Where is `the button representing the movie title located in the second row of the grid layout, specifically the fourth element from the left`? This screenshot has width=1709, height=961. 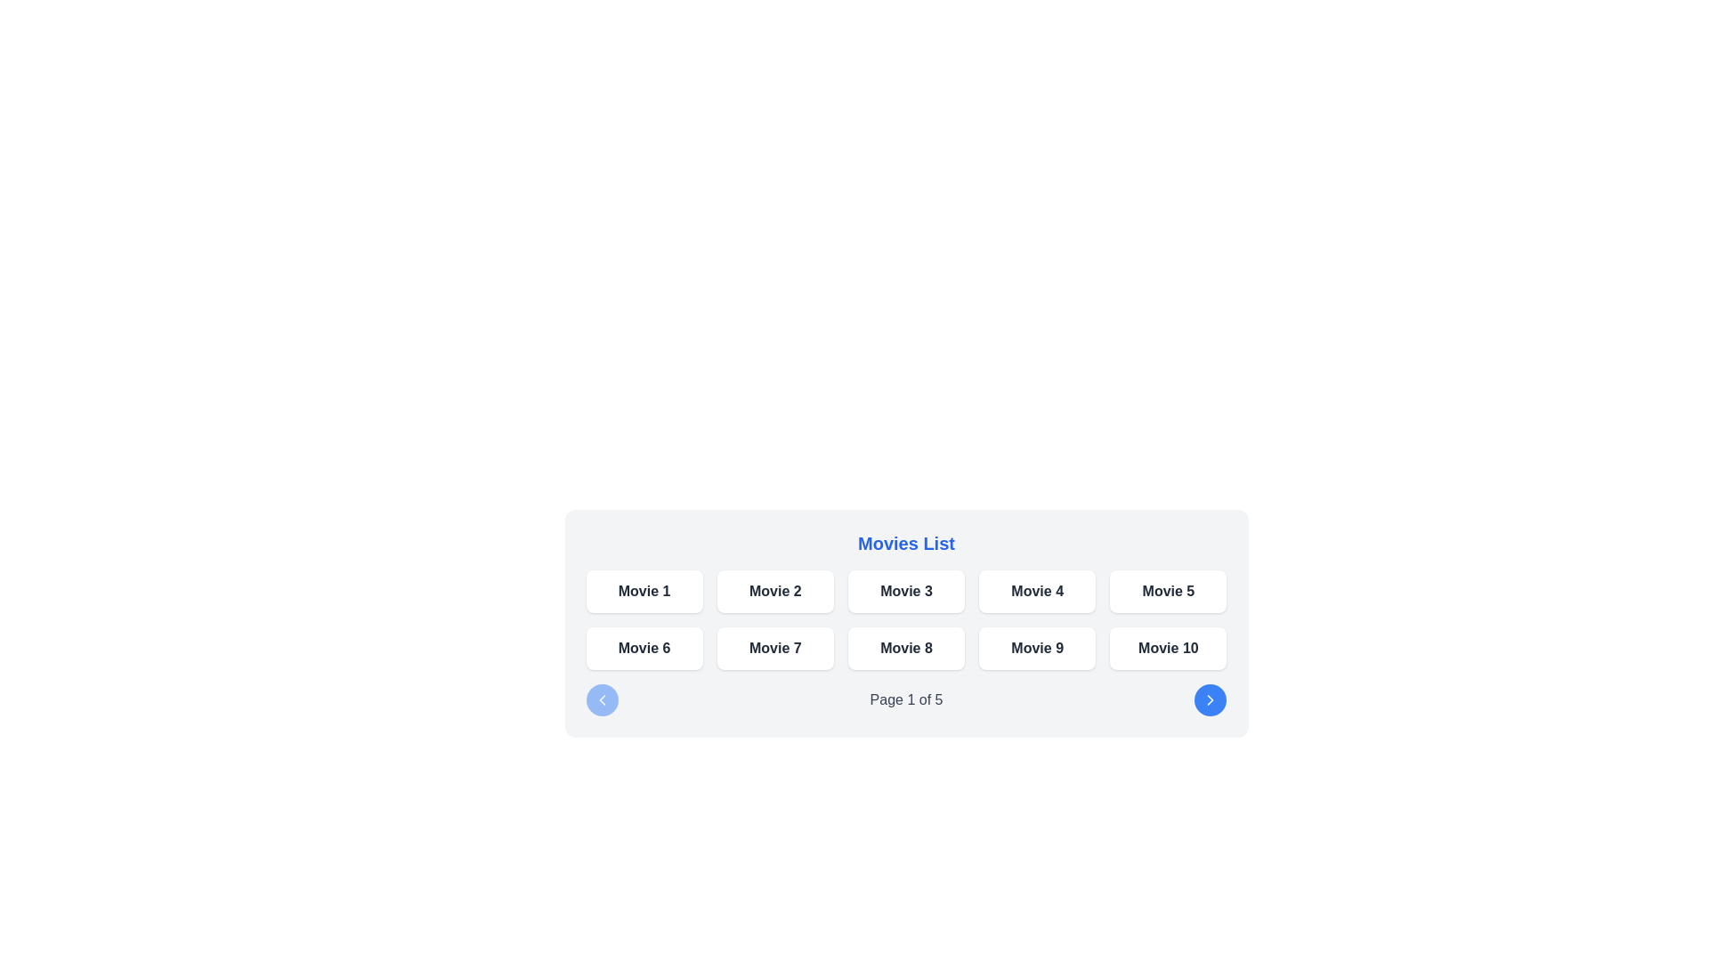 the button representing the movie title located in the second row of the grid layout, specifically the fourth element from the left is located at coordinates (1037, 649).